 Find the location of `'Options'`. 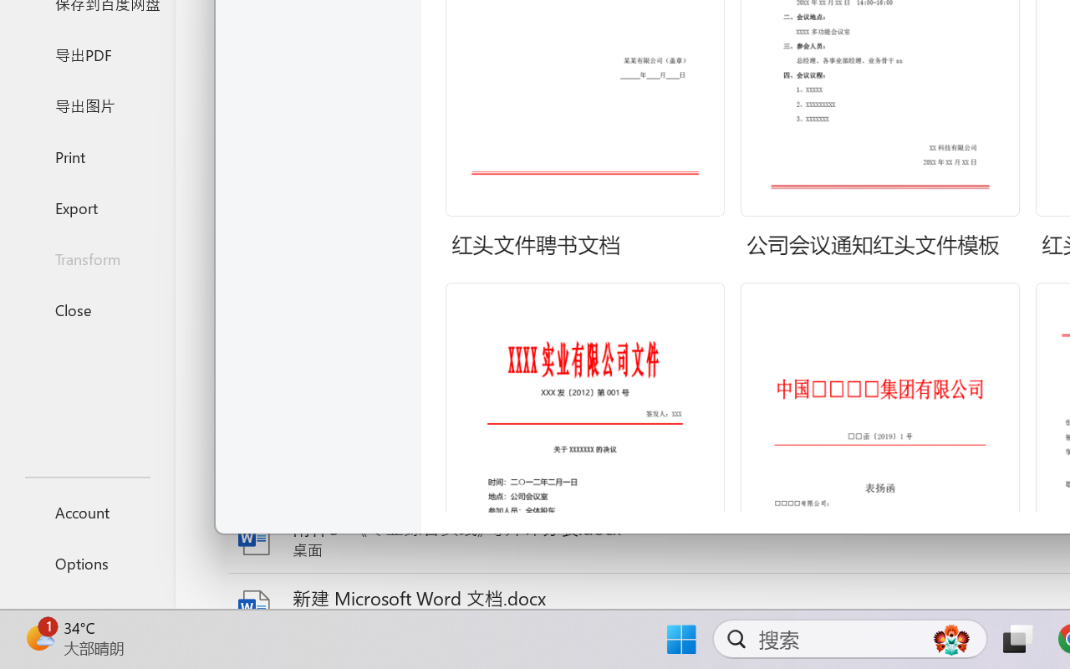

'Options' is located at coordinates (86, 563).